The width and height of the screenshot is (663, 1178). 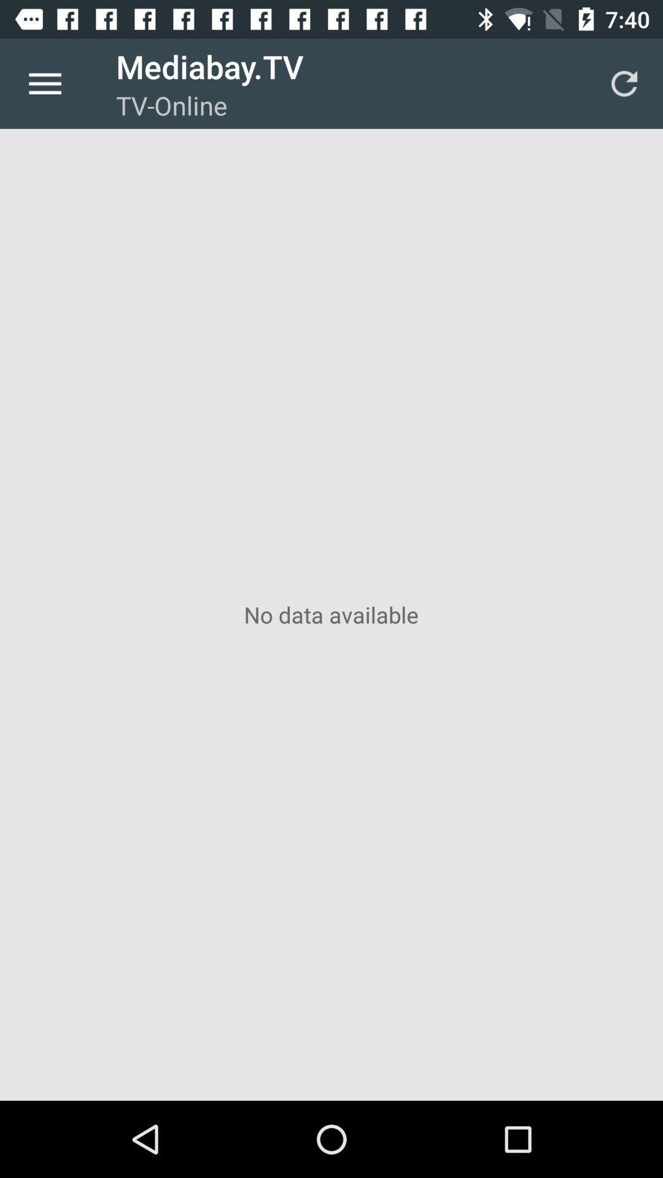 What do you see at coordinates (44, 83) in the screenshot?
I see `icon to the left of the mediabay.tv` at bounding box center [44, 83].